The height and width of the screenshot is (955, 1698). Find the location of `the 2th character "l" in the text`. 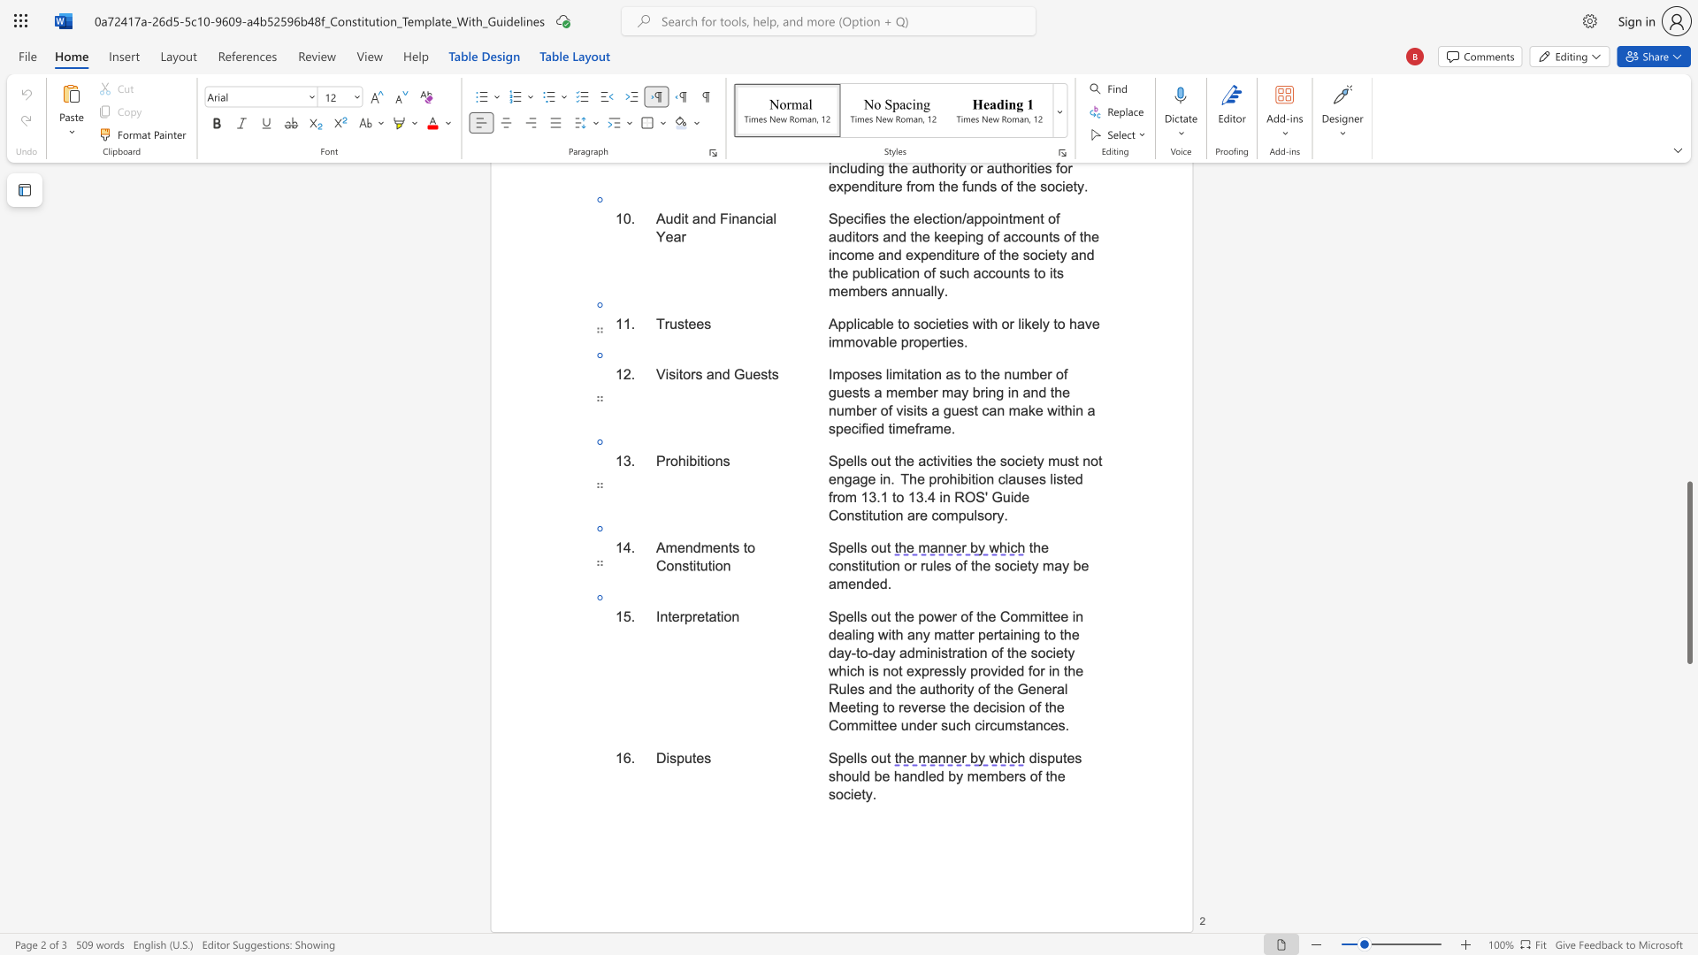

the 2th character "l" in the text is located at coordinates (858, 546).